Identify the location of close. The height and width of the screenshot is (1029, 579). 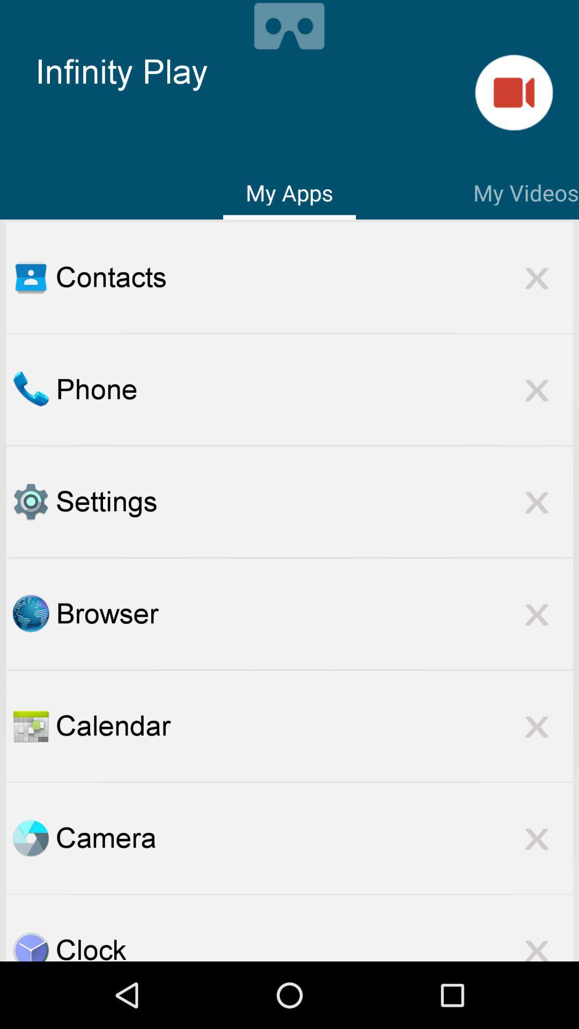
(537, 277).